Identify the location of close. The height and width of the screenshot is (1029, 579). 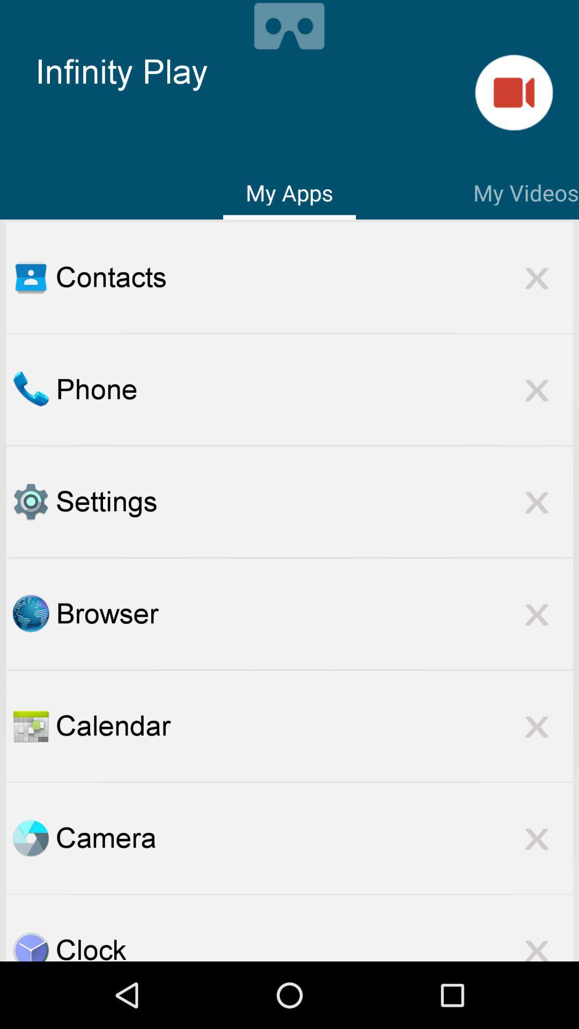
(537, 277).